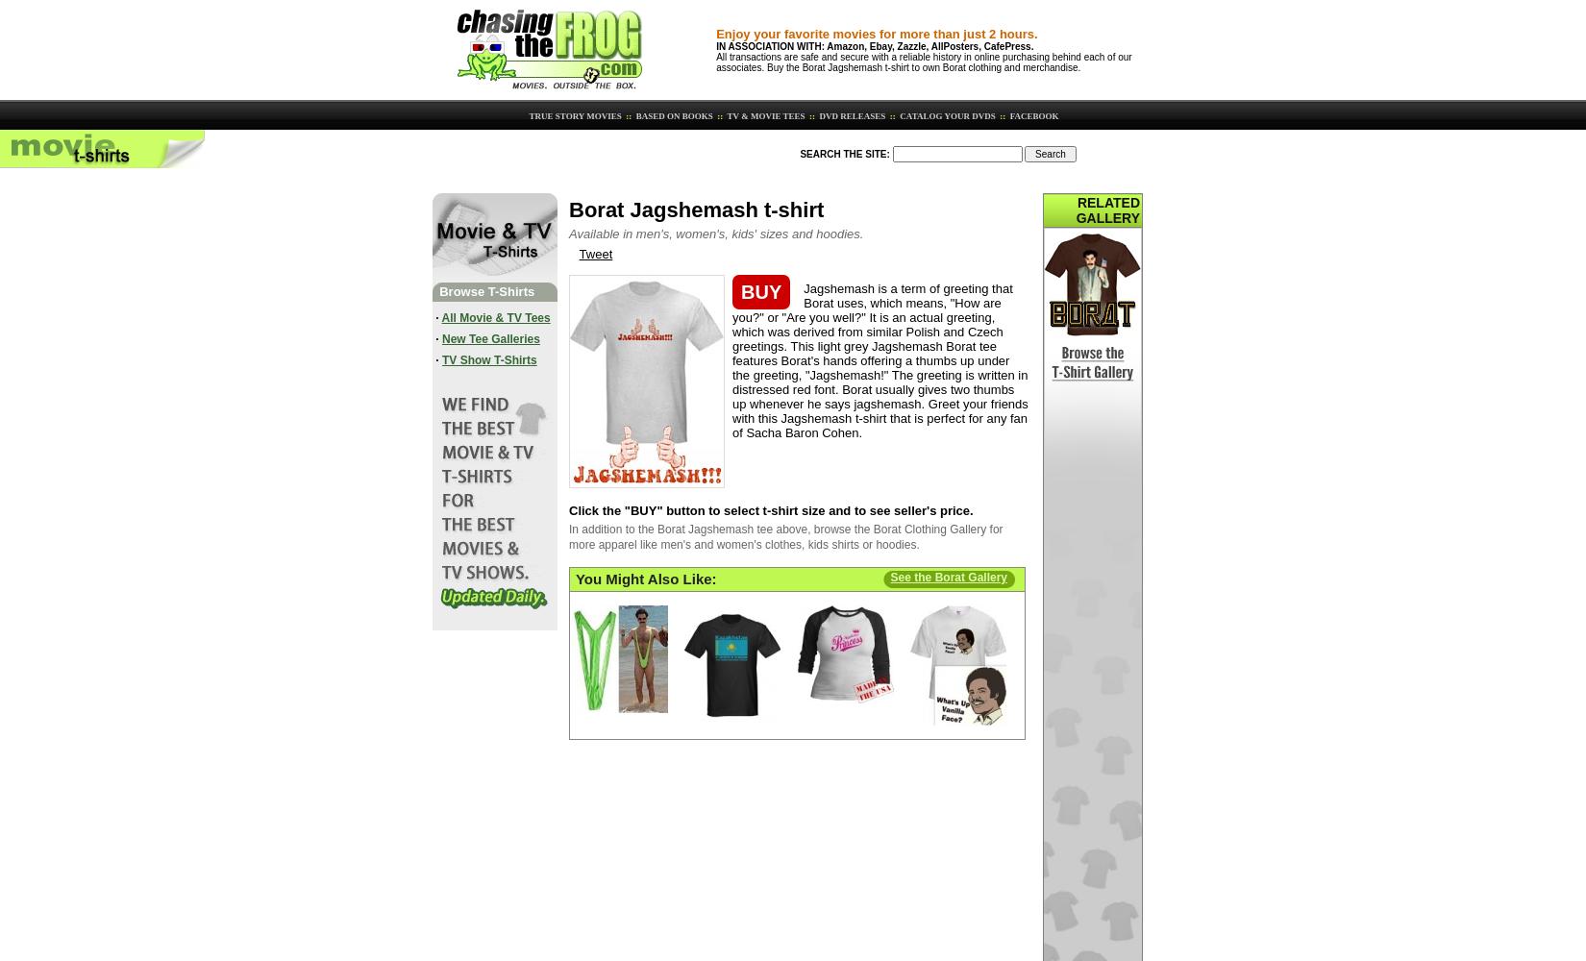  What do you see at coordinates (525, 114) in the screenshot?
I see `'TRUE STORY MOVIES'` at bounding box center [525, 114].